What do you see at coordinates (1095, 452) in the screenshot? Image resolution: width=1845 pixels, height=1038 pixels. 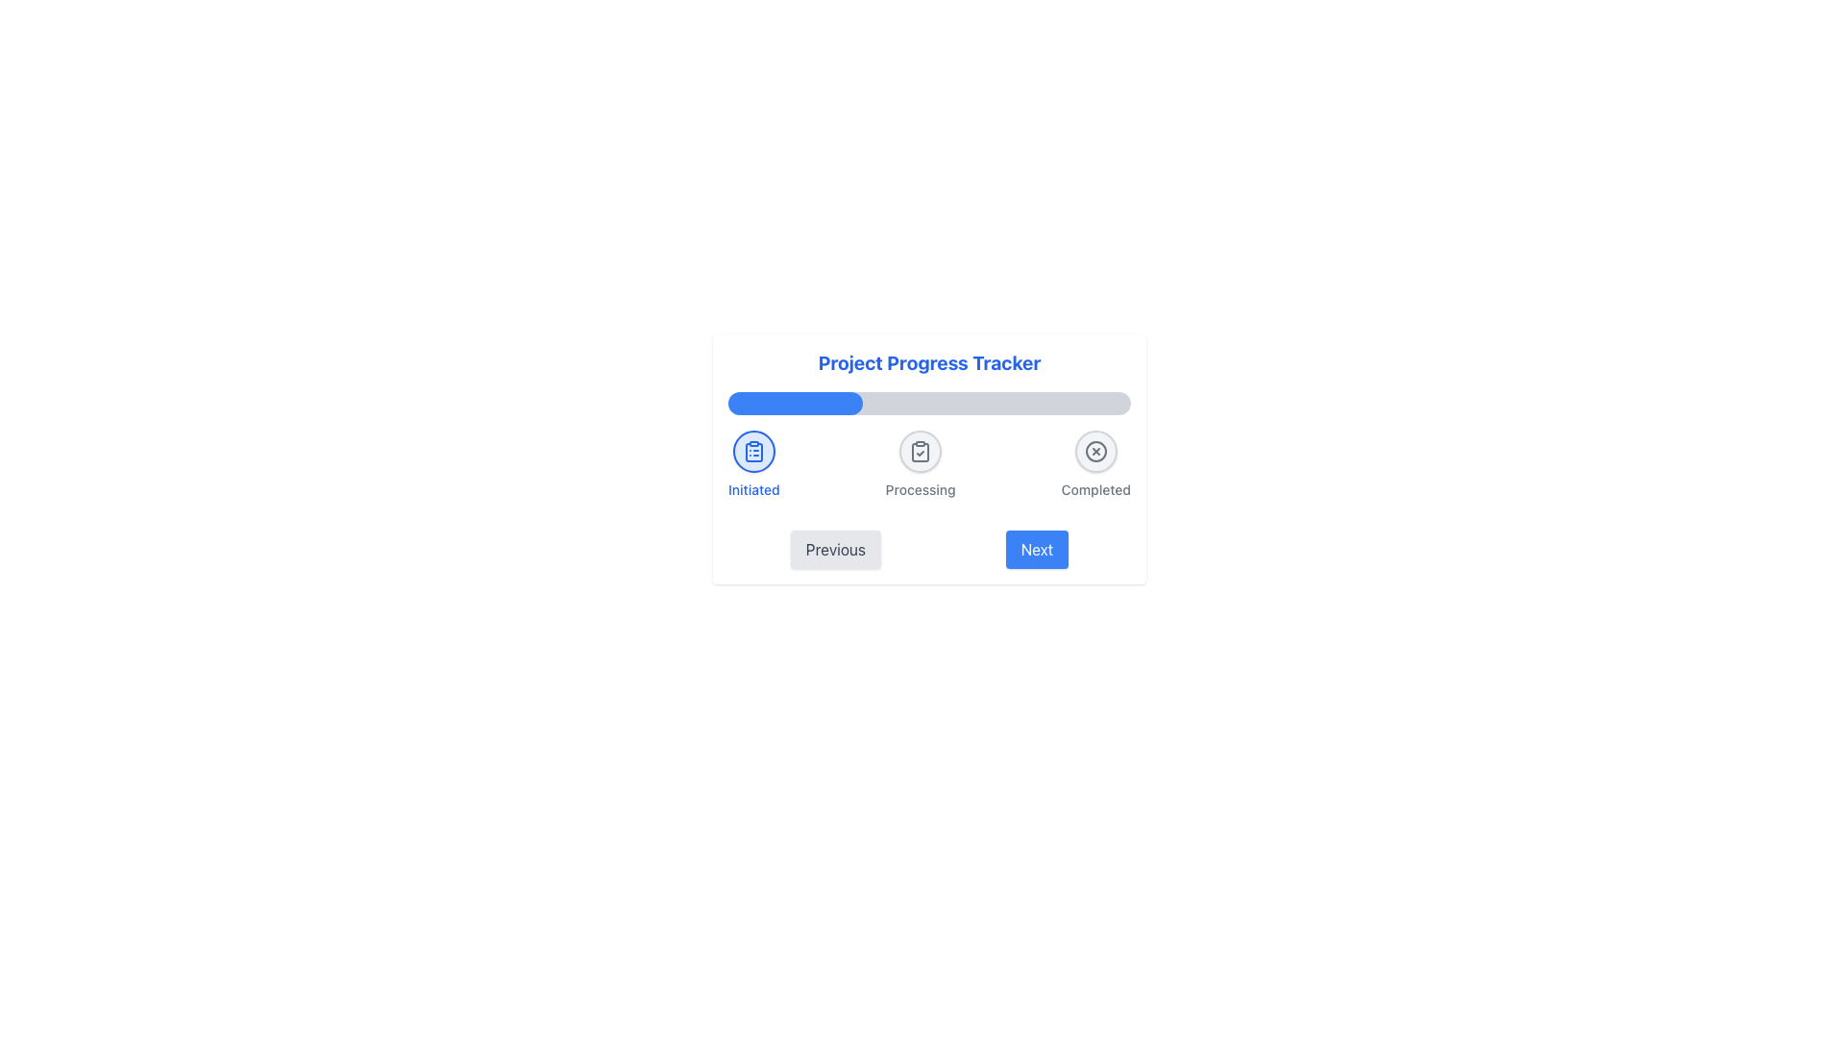 I see `the third circular icon with a gray border and light gray background that has an 'X'` at bounding box center [1095, 452].